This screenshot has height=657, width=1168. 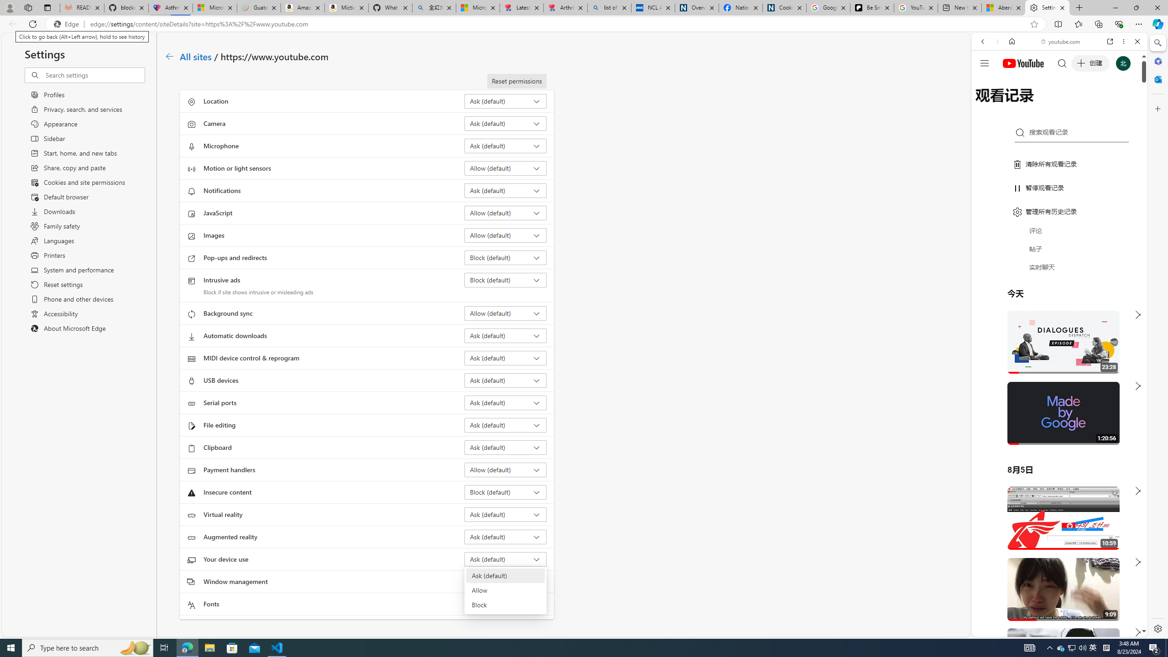 What do you see at coordinates (506, 491) in the screenshot?
I see `'Insecure content Block (default)'` at bounding box center [506, 491].